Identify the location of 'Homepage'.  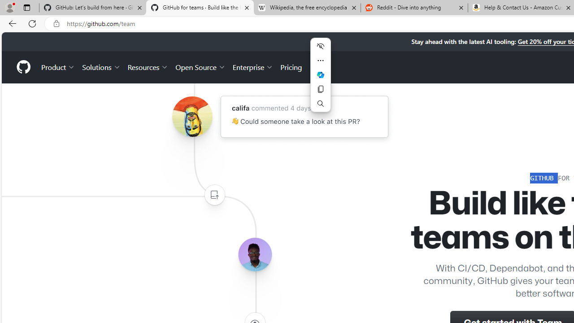
(23, 66).